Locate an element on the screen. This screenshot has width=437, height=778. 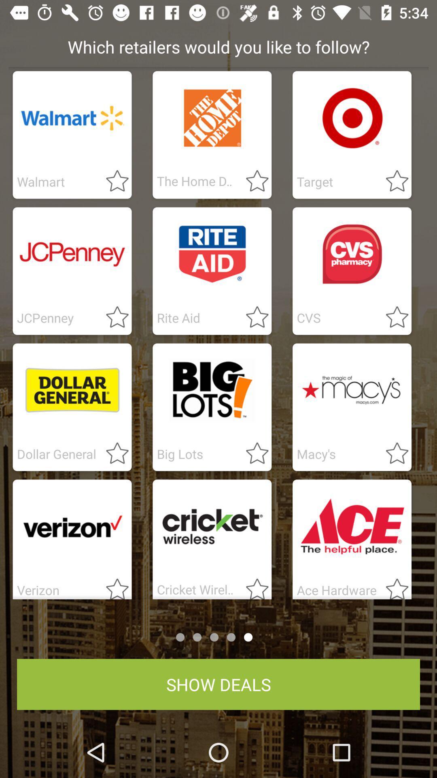
show deals is located at coordinates (218, 684).